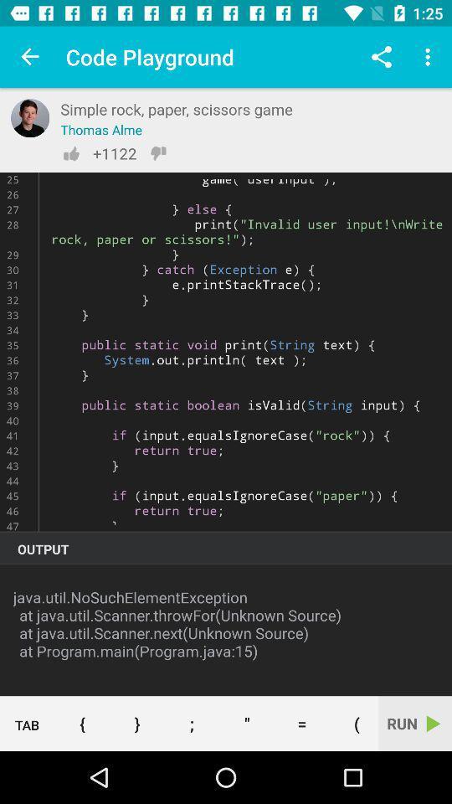 The image size is (452, 804). I want to click on the avatar icon, so click(30, 117).